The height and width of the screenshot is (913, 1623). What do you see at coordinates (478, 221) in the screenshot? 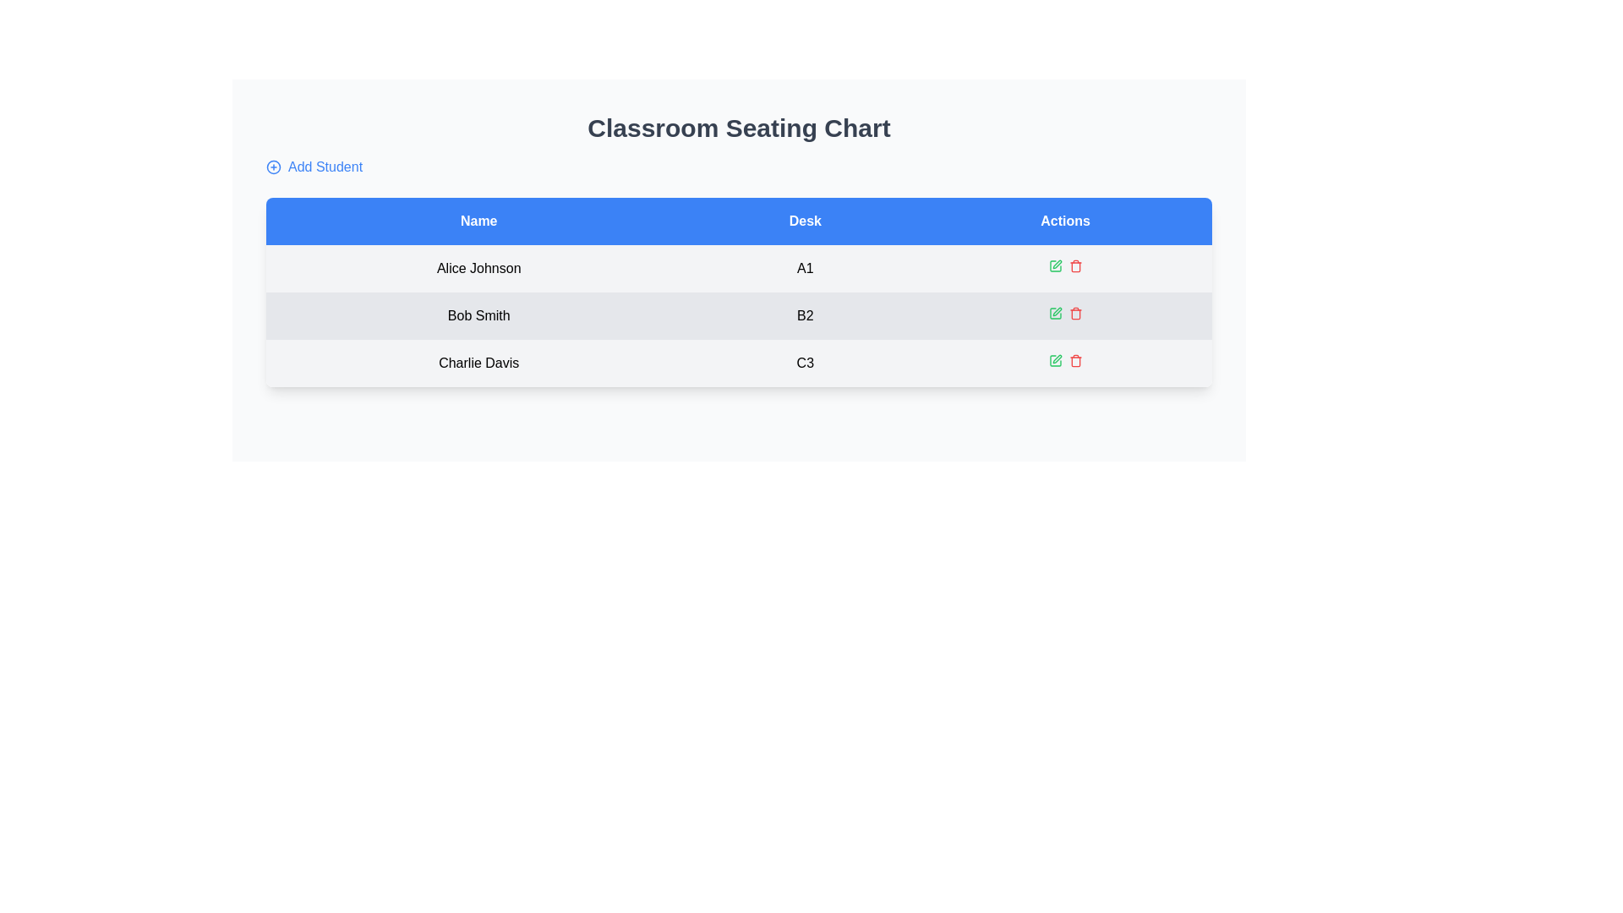
I see `the Header Label with the blue rectangular background and the centered white text 'Name', which is the first header in the table under 'Classroom Seating Chart'` at bounding box center [478, 221].